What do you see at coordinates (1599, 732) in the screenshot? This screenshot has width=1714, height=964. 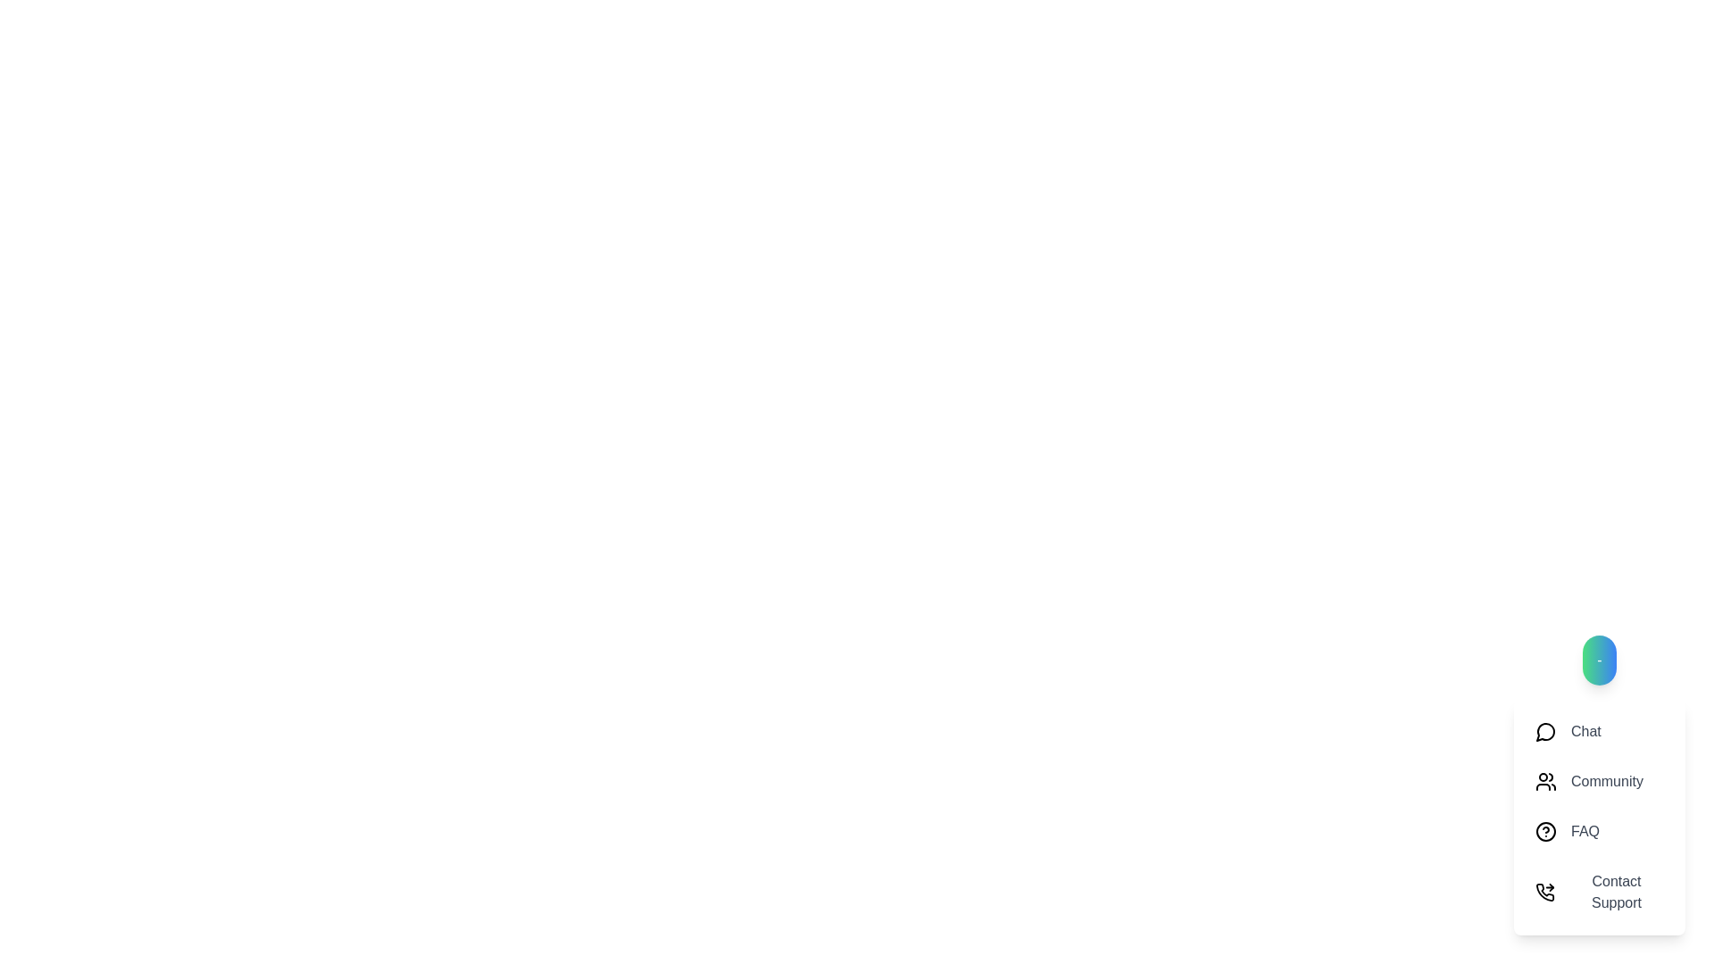 I see `the first menu item labeled 'Chat' in the vertically-stacked menu list` at bounding box center [1599, 732].